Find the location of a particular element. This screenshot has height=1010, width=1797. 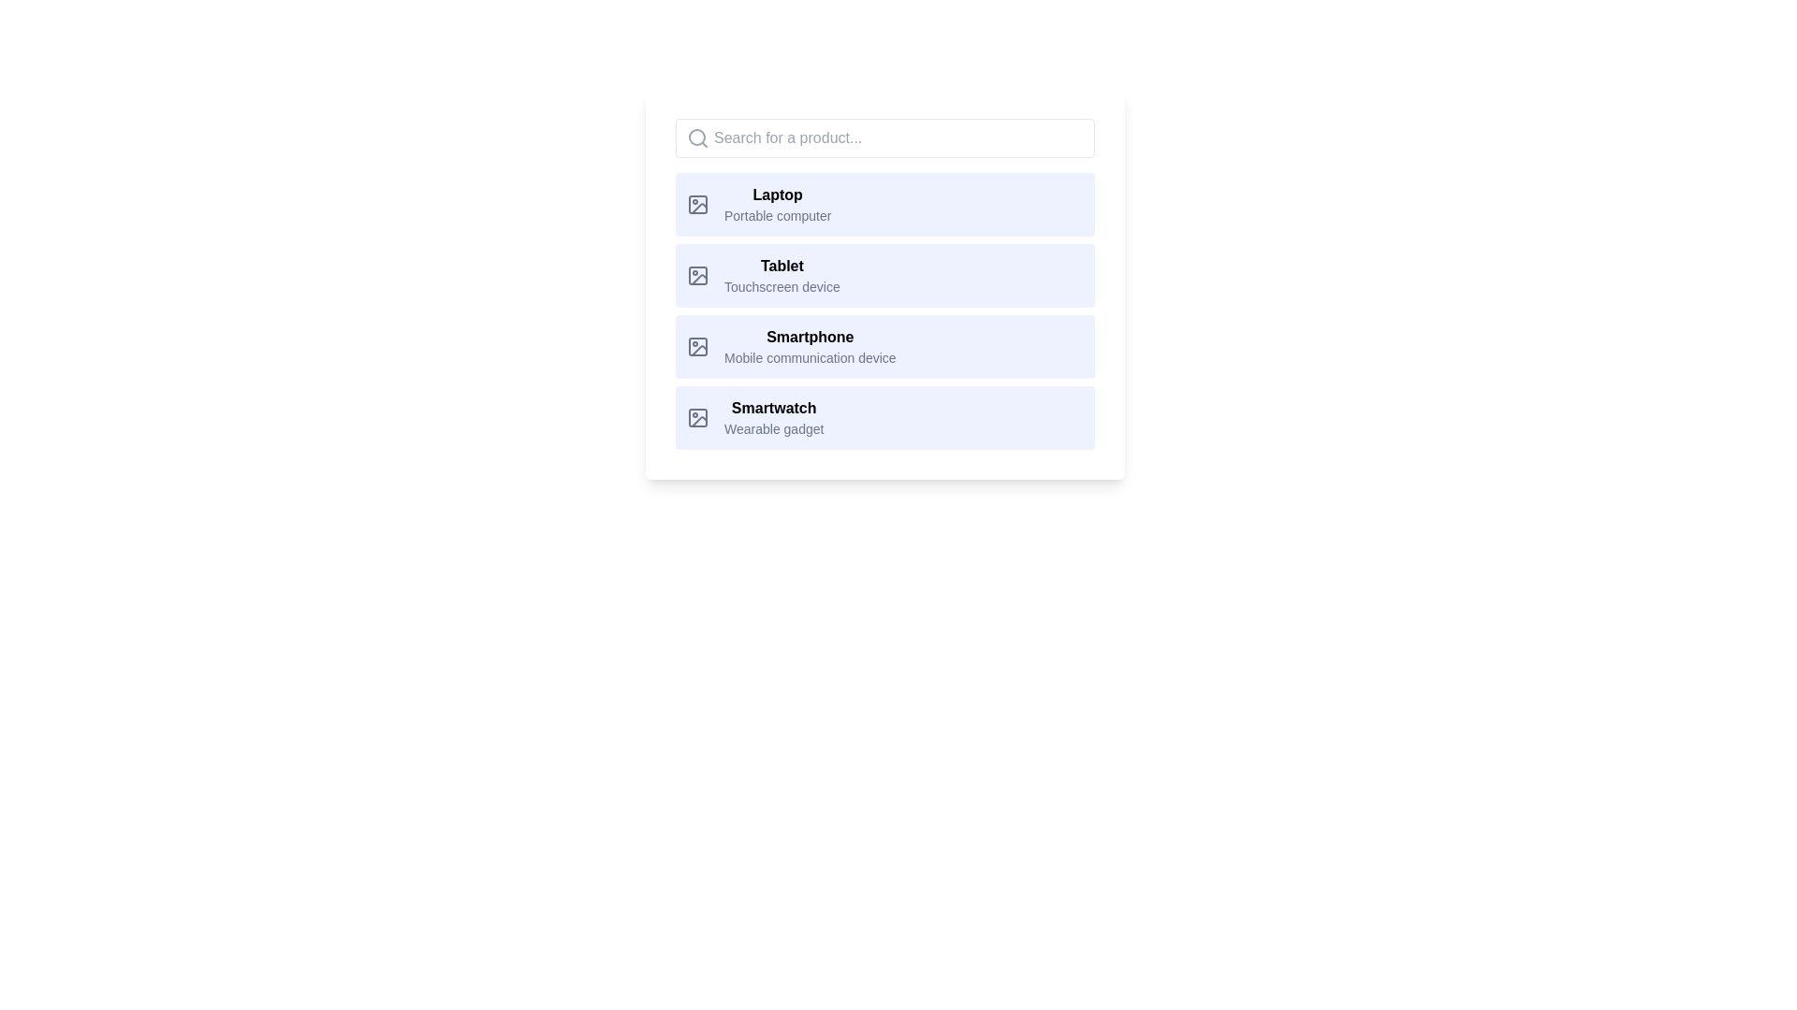

the 'Smartwatch' list item label is located at coordinates (774, 417).